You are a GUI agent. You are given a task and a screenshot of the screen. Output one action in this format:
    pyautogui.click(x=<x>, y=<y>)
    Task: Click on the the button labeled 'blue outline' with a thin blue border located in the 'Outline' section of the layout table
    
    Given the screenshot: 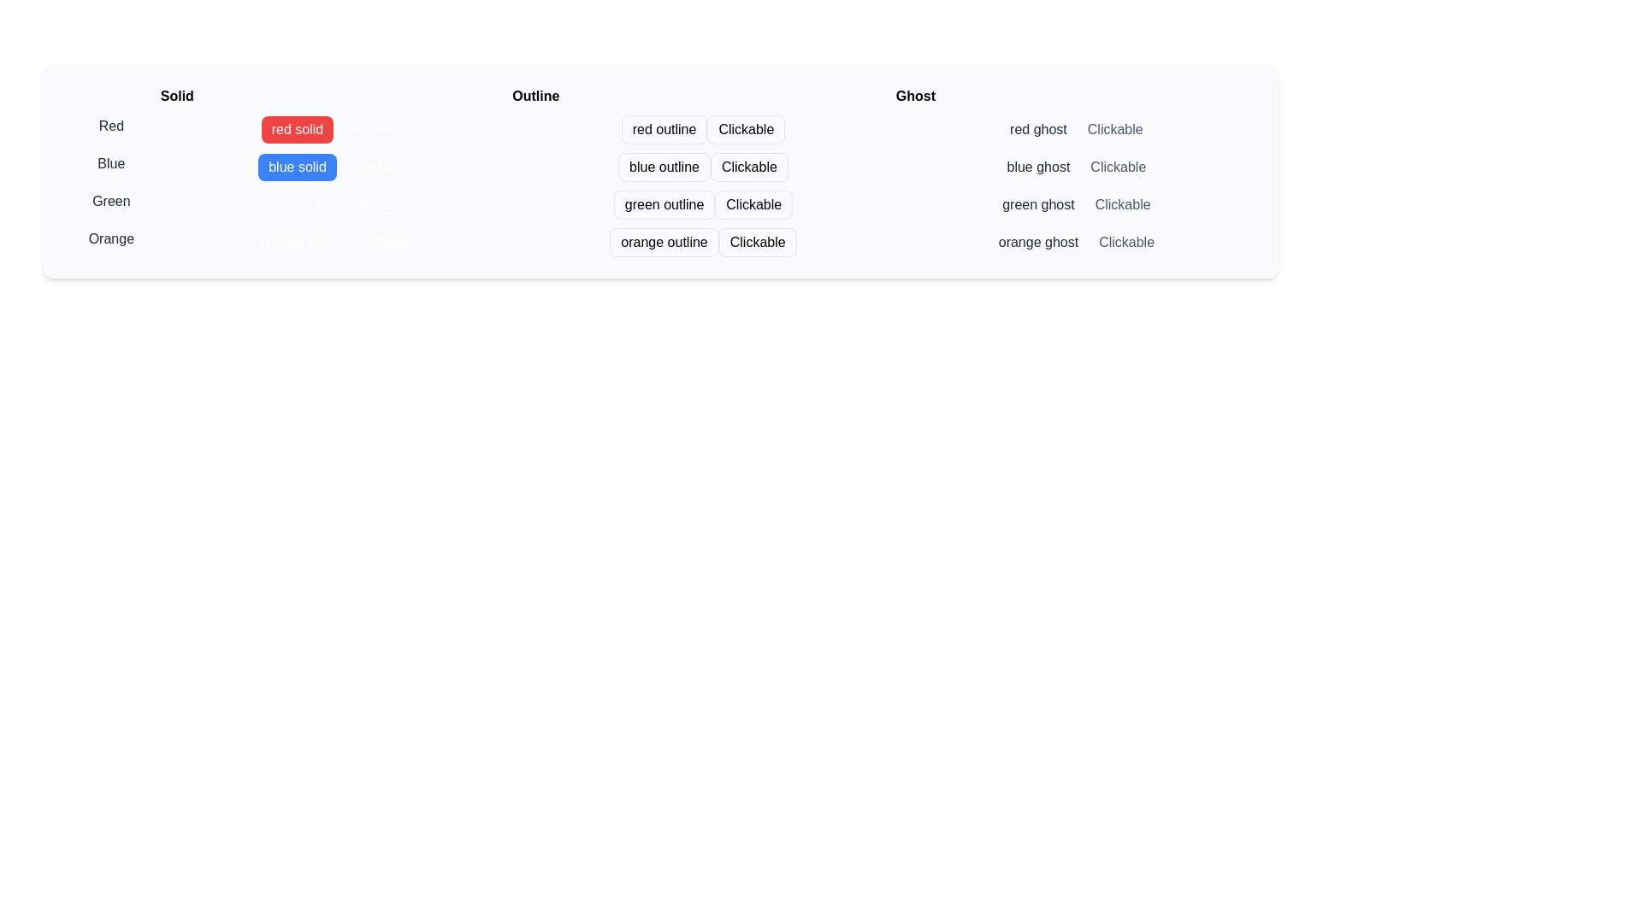 What is the action you would take?
    pyautogui.click(x=664, y=168)
    